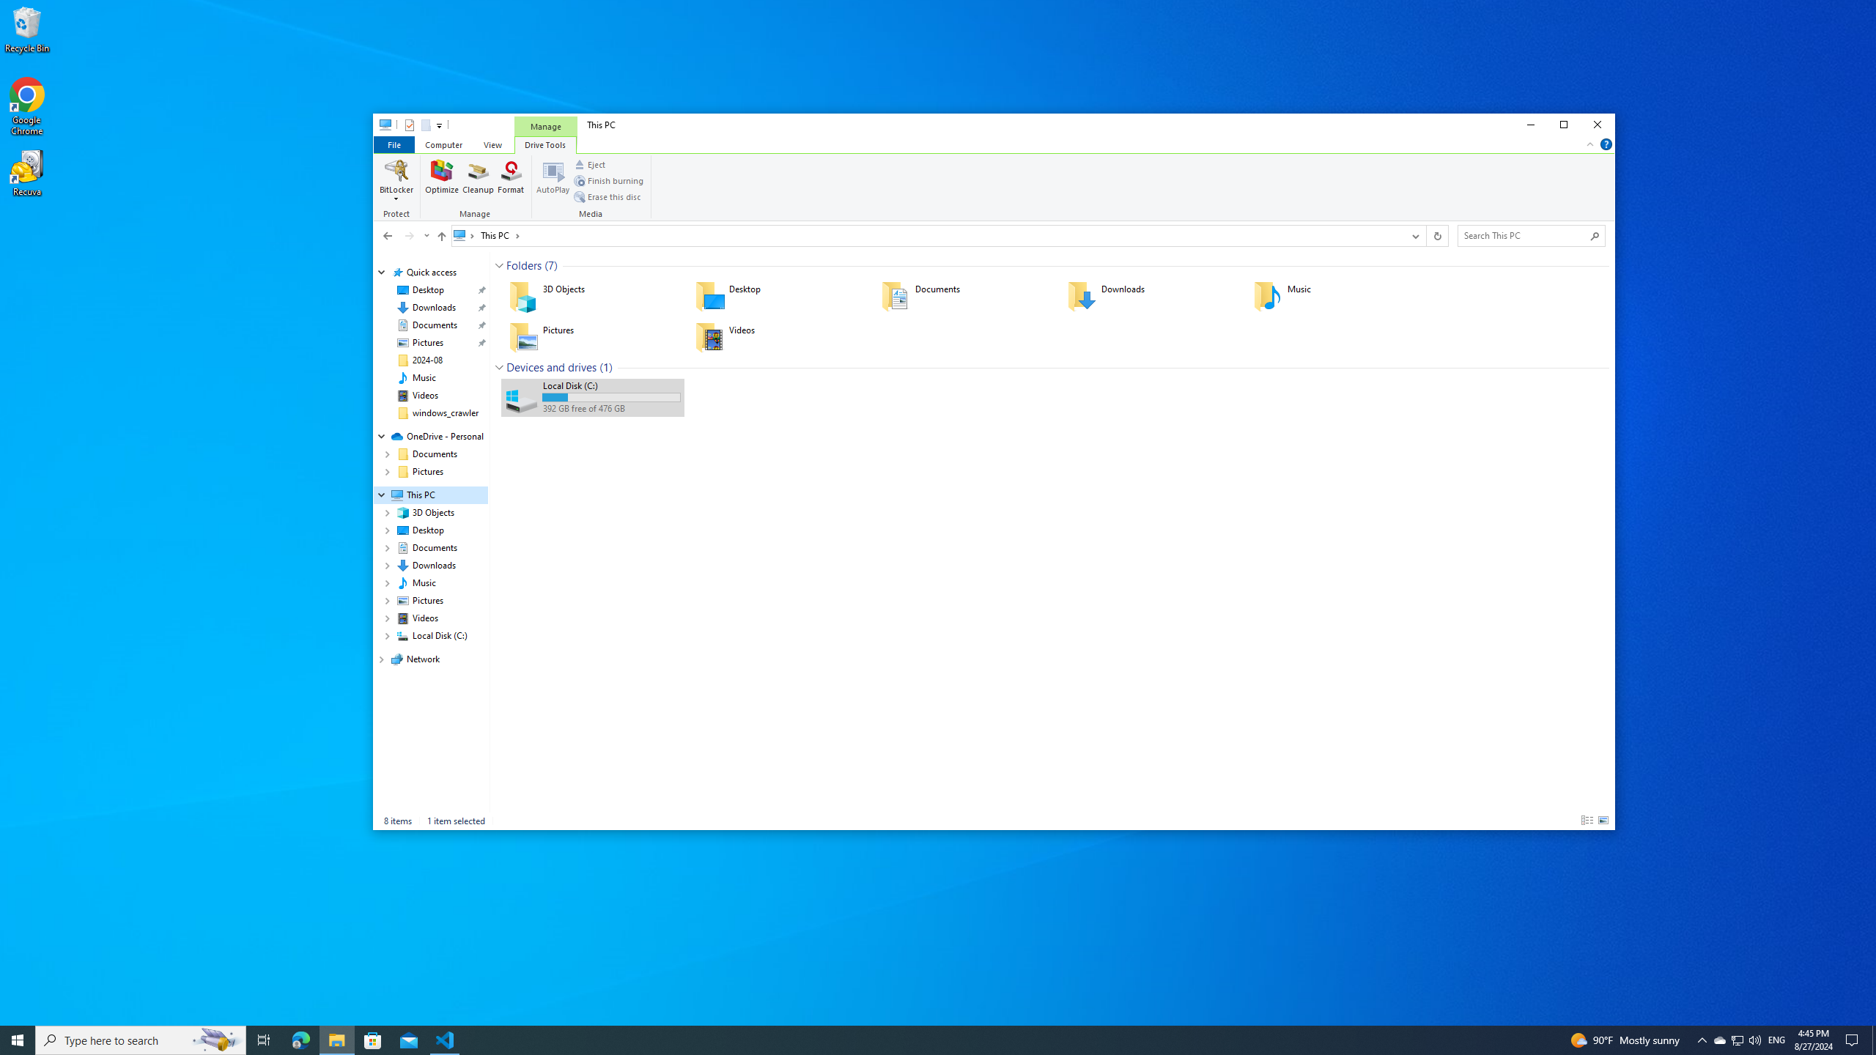  What do you see at coordinates (445, 1039) in the screenshot?
I see `'Visual Studio Code - 1 running window'` at bounding box center [445, 1039].